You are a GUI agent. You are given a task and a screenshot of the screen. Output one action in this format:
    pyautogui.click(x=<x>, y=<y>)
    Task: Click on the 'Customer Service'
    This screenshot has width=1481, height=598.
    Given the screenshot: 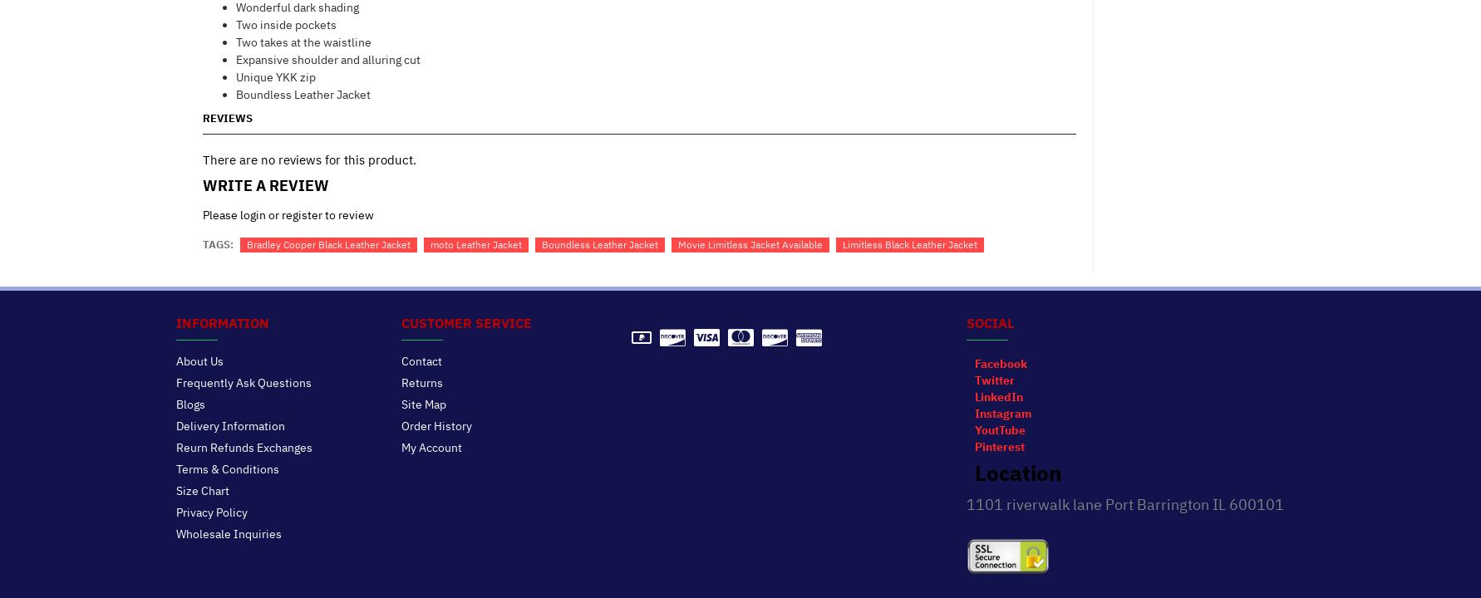 What is the action you would take?
    pyautogui.click(x=466, y=322)
    